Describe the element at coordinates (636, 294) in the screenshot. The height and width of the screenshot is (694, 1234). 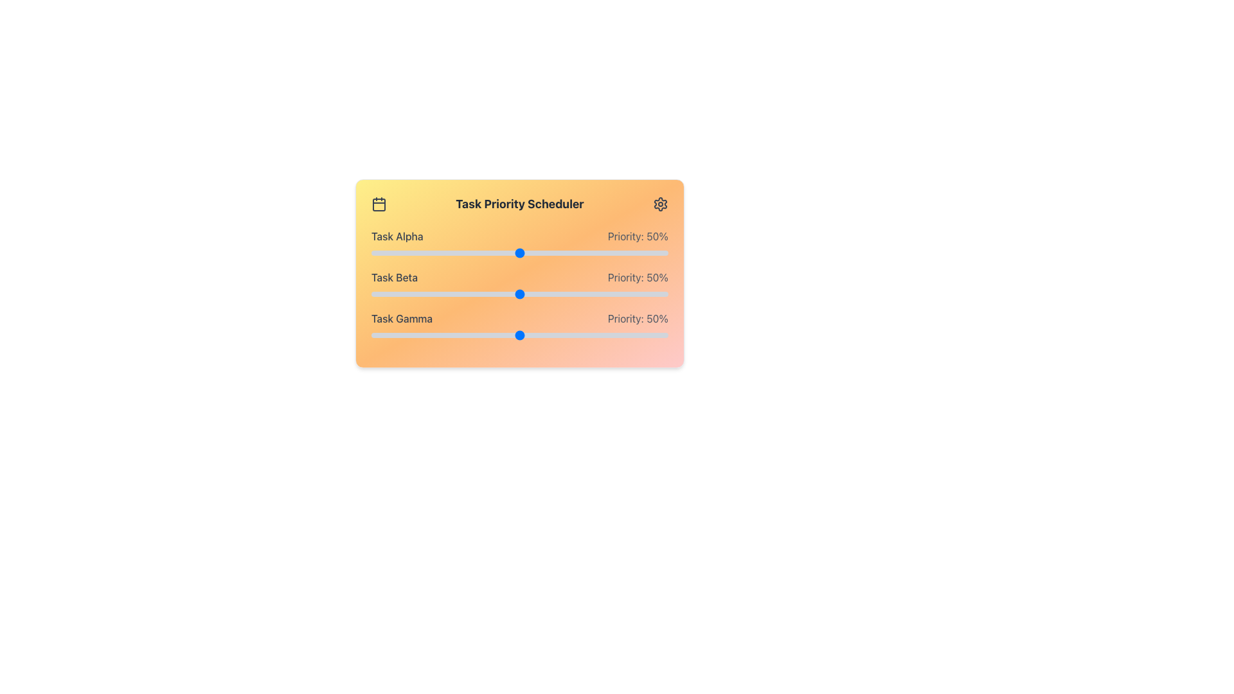
I see `the priority of Task Beta` at that location.